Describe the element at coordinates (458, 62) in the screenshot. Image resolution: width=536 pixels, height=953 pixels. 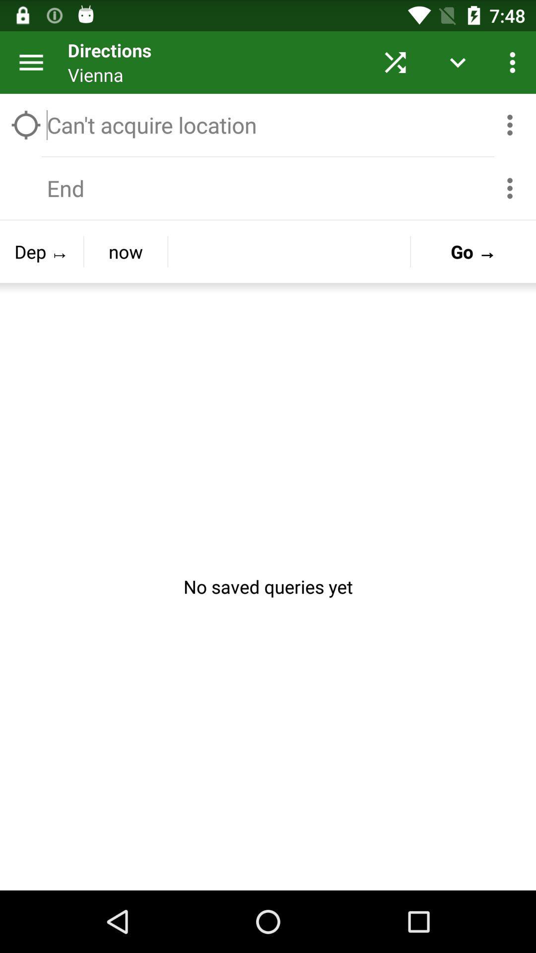
I see `the button on left to the three dots button on the web page` at that location.